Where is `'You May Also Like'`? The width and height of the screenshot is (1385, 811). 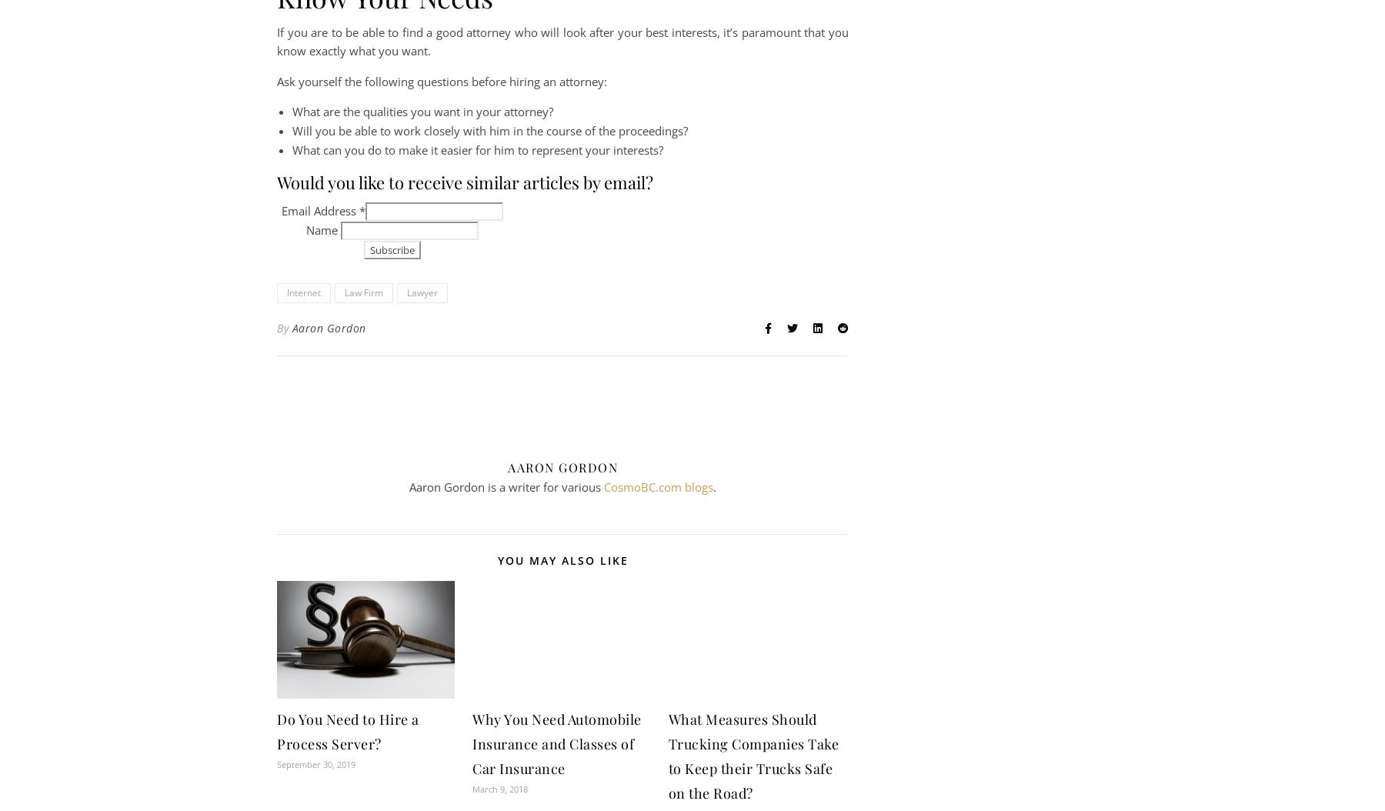 'You May Also Like' is located at coordinates (497, 559).